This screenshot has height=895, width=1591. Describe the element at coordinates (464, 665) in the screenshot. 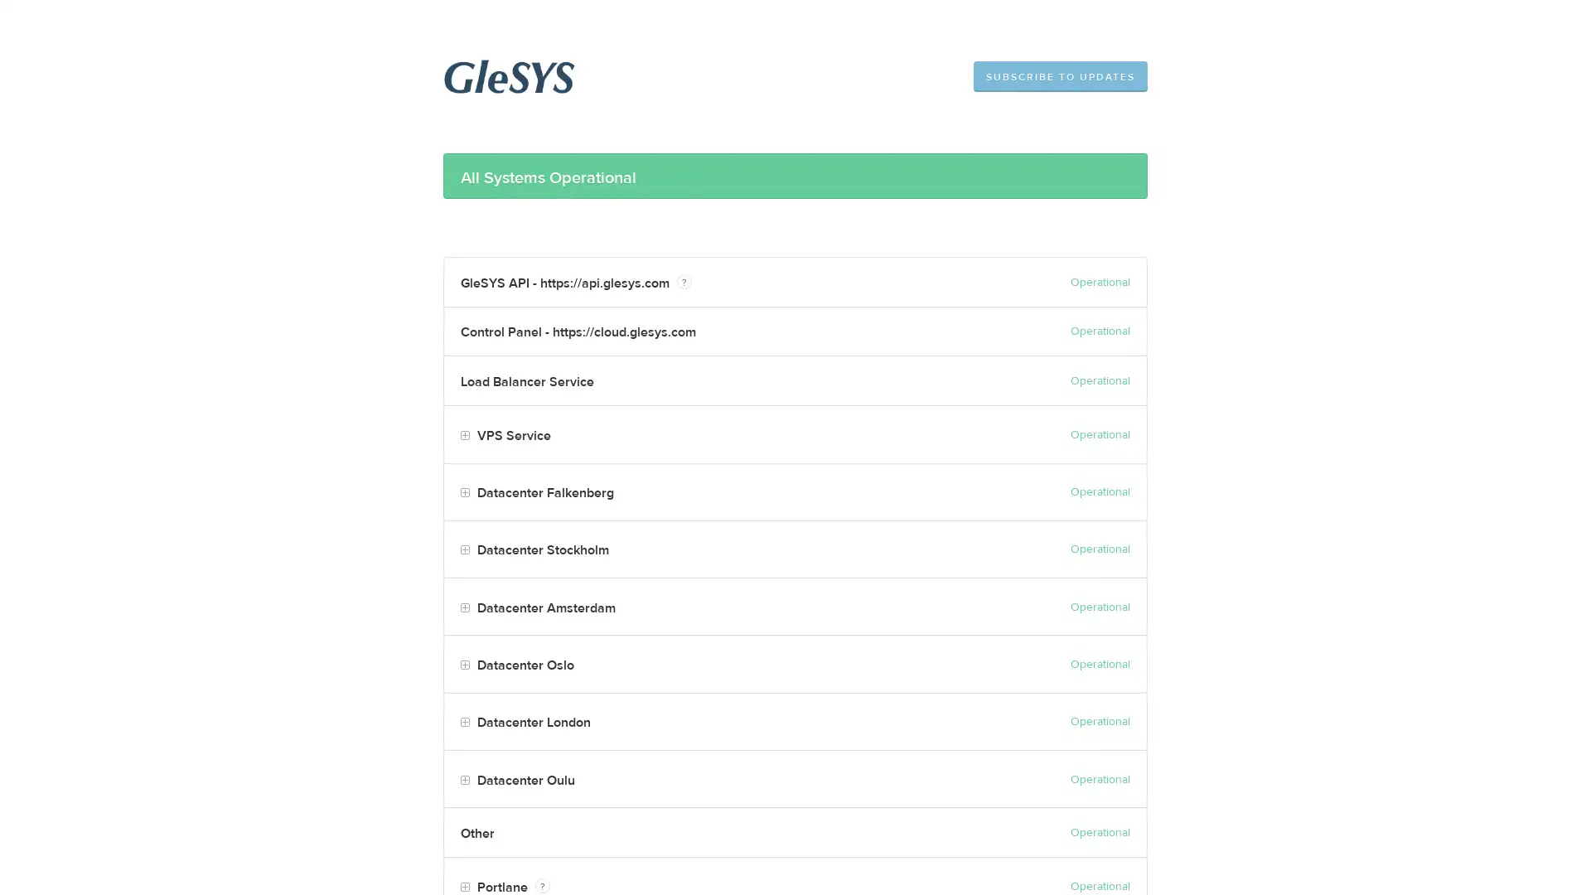

I see `Toggle Datacenter Oslo` at that location.